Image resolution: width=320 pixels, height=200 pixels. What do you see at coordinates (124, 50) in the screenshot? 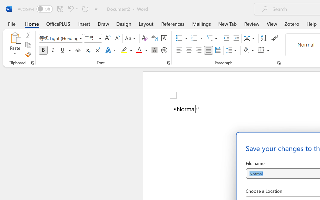
I see `'Text Highlight Color Yellow'` at bounding box center [124, 50].